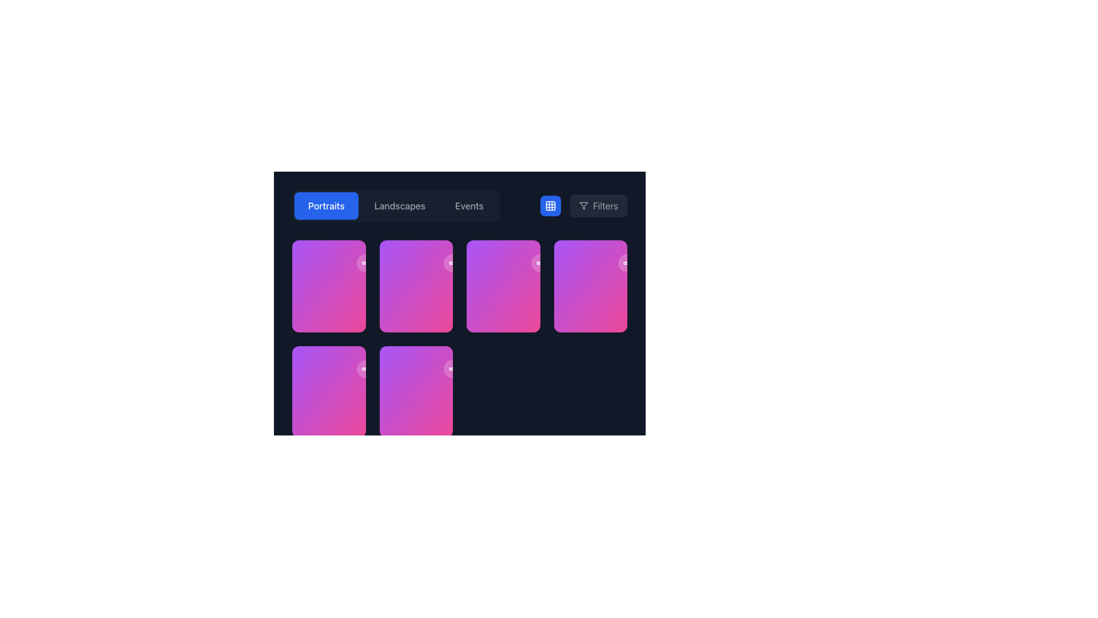  What do you see at coordinates (583, 205) in the screenshot?
I see `the filter icon located within the 'Filters' button on the top menu bar` at bounding box center [583, 205].